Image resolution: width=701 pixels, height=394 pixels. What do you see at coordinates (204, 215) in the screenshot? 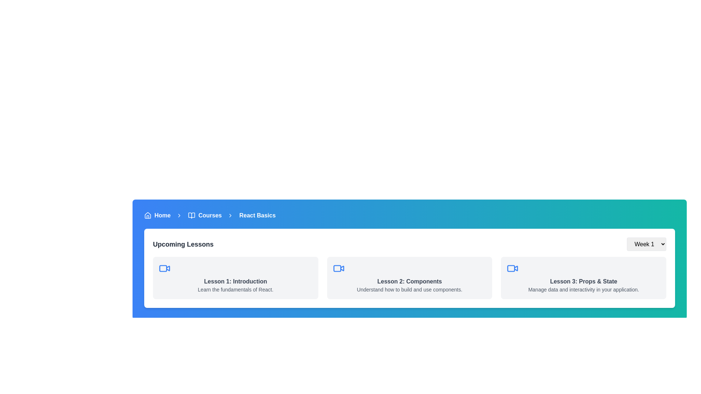
I see `the 'Courses' breadcrumb navigation link, which consists of an open book icon followed by the bold blue text 'Courses'` at bounding box center [204, 215].